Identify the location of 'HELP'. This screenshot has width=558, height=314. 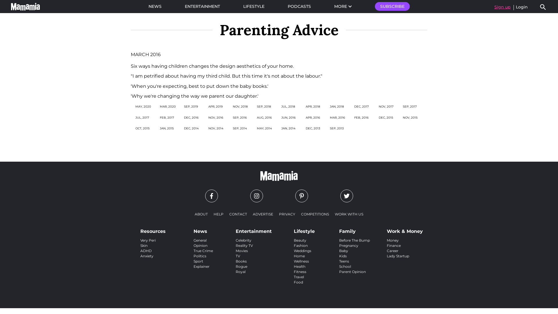
(218, 214).